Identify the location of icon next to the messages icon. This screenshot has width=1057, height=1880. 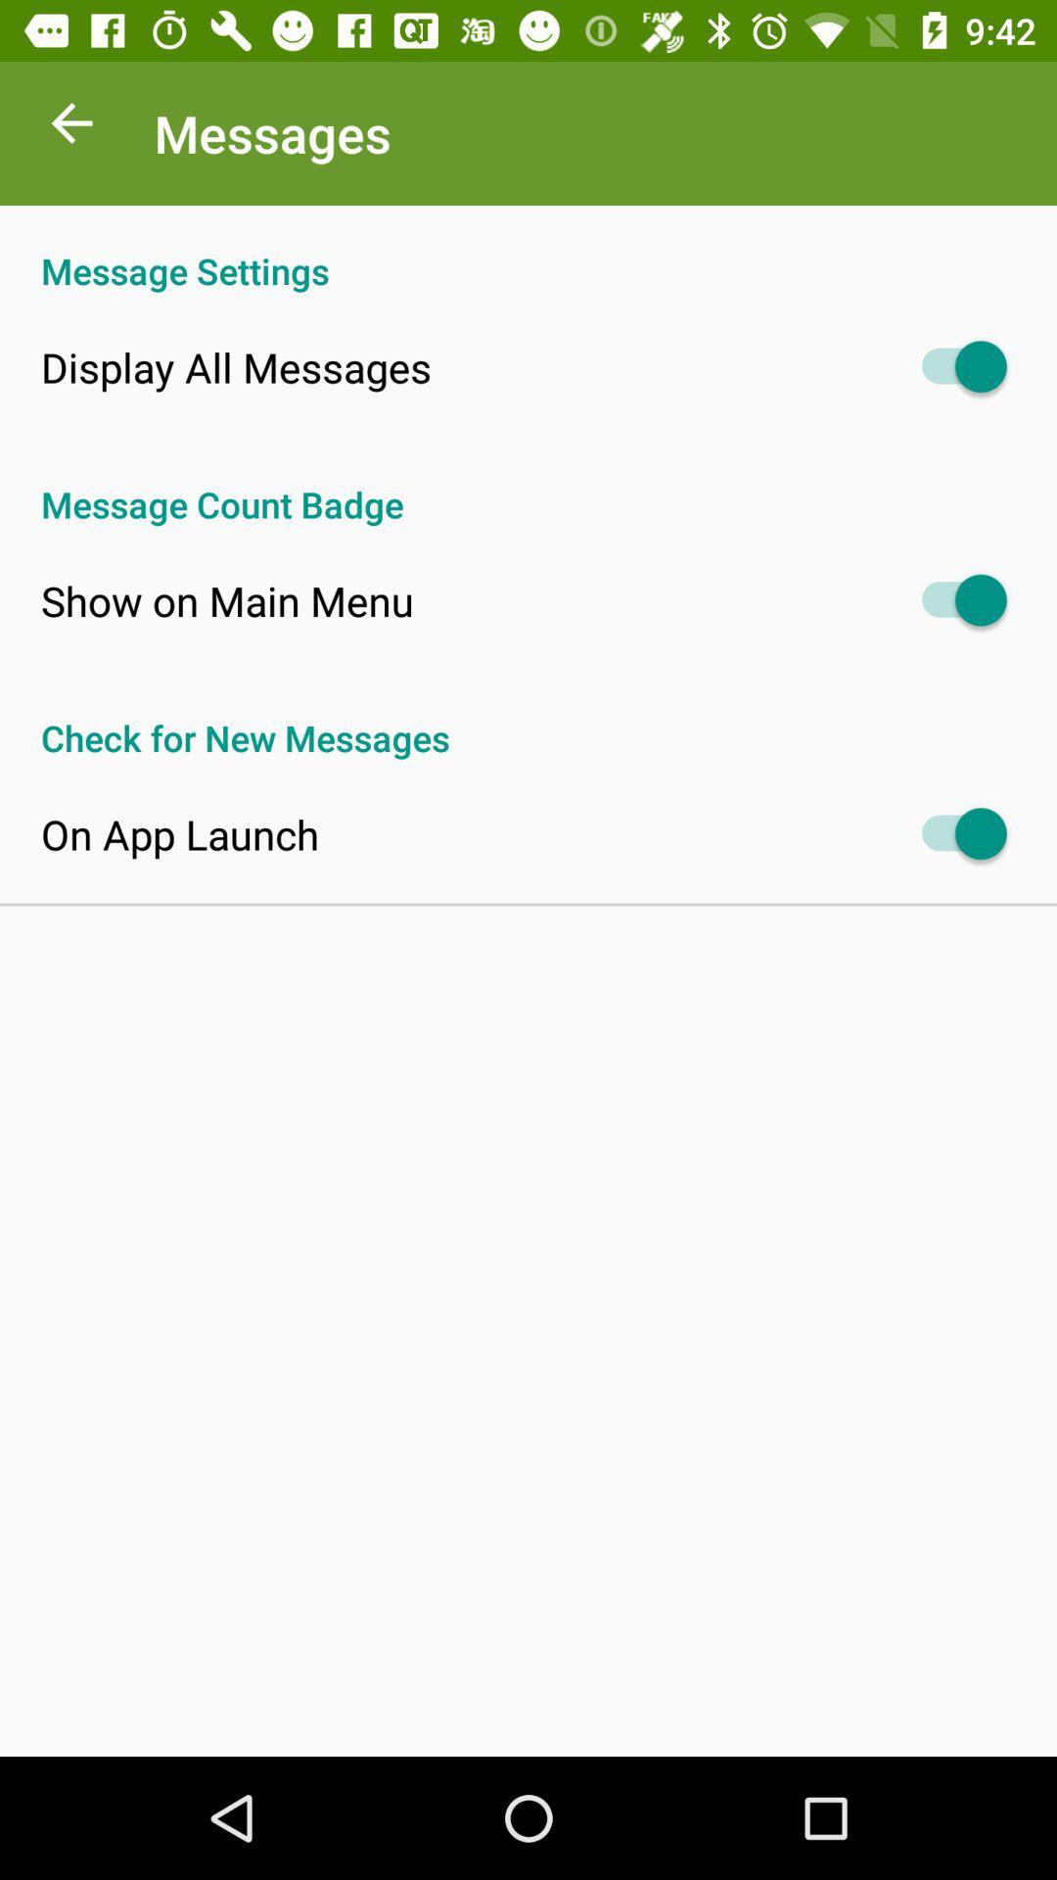
(70, 127).